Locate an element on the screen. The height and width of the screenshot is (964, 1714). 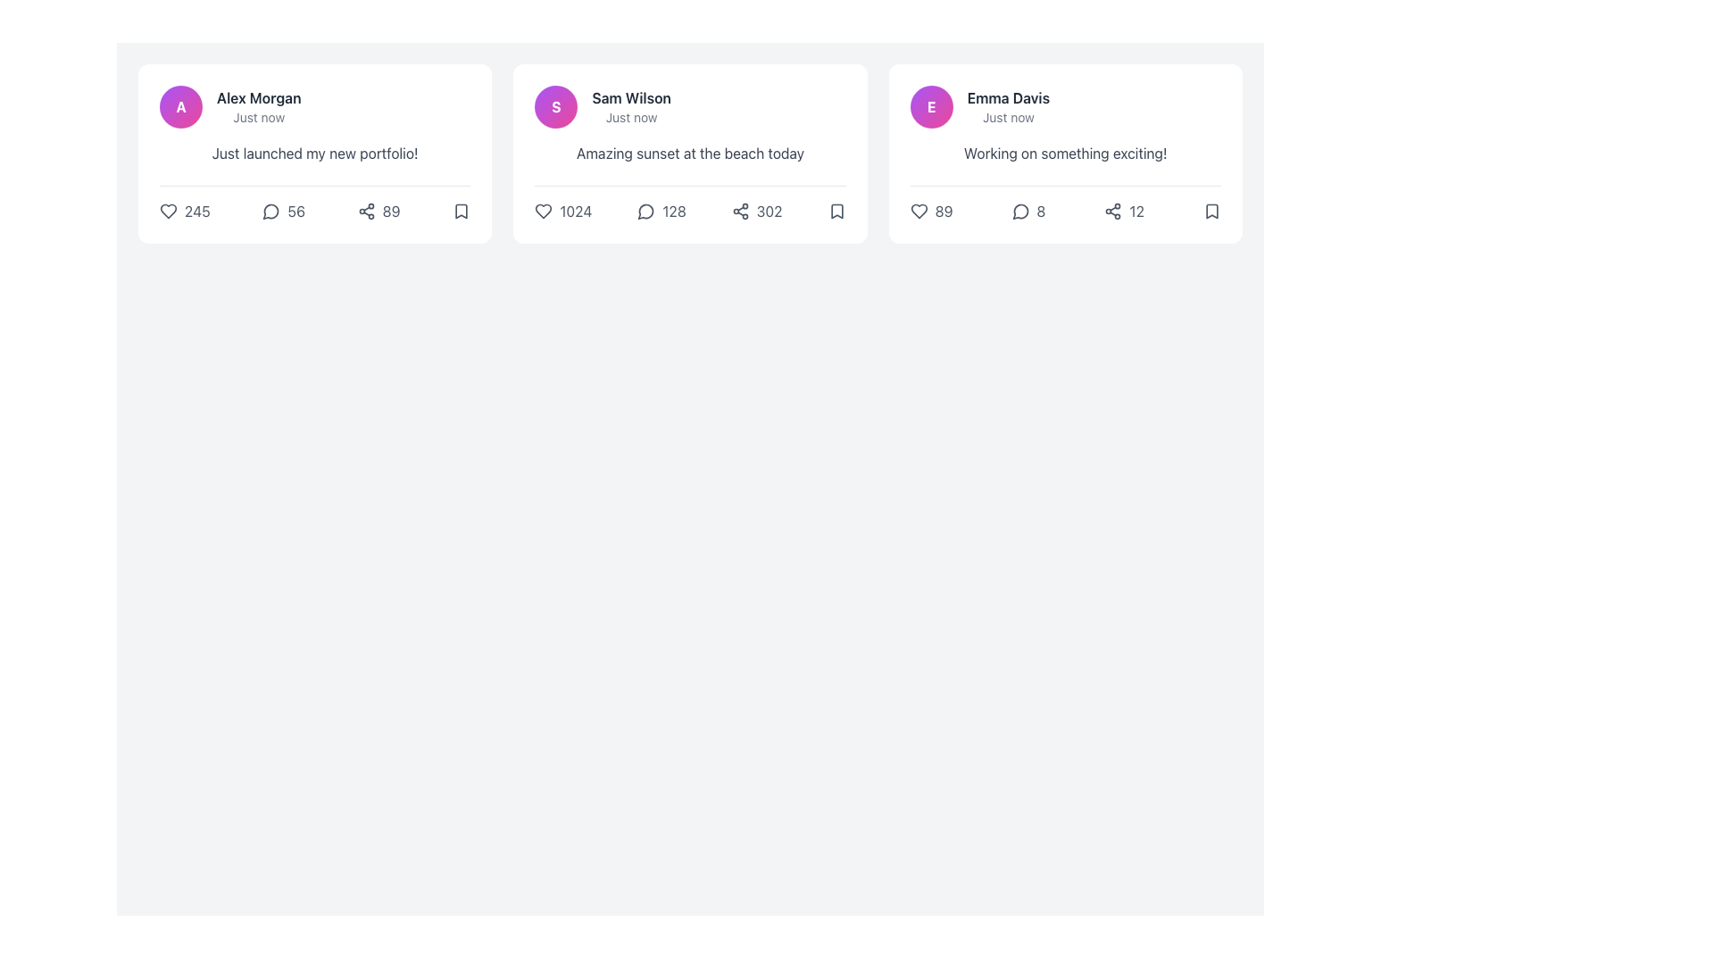
the heart-shaped icon located in the bottom-left part of the content card to like the post is located at coordinates (168, 210).